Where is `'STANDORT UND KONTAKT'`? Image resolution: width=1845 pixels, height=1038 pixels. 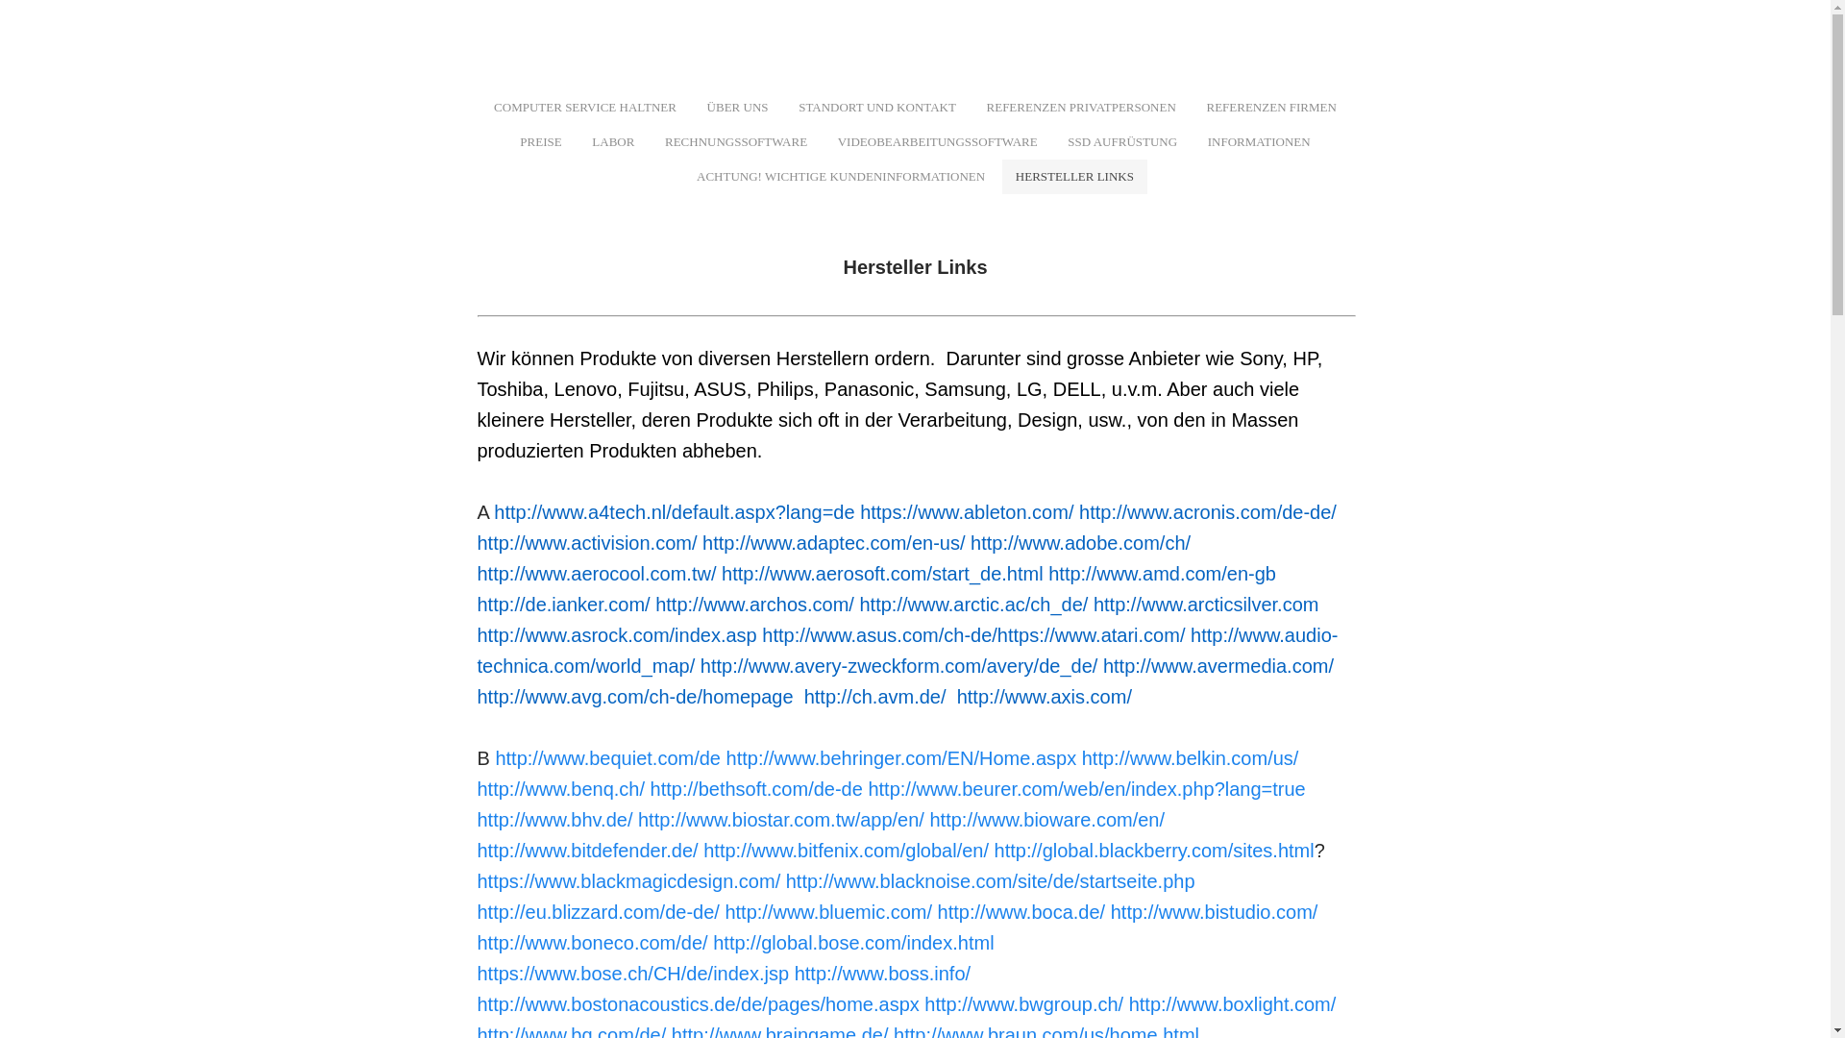 'STANDORT UND KONTAKT' is located at coordinates (875, 107).